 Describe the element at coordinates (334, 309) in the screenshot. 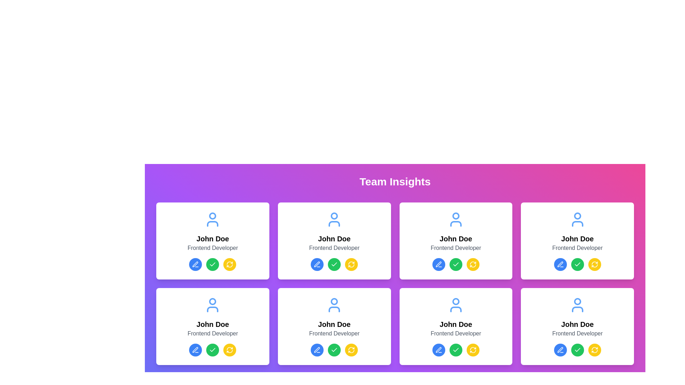

I see `the lower curved line segment of the person icon located in the center card of the bottom row in the grid layout` at that location.